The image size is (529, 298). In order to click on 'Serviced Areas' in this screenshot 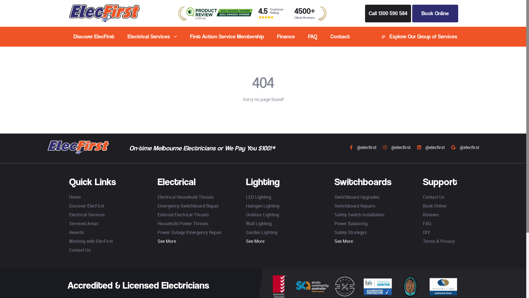, I will do `click(83, 223)`.